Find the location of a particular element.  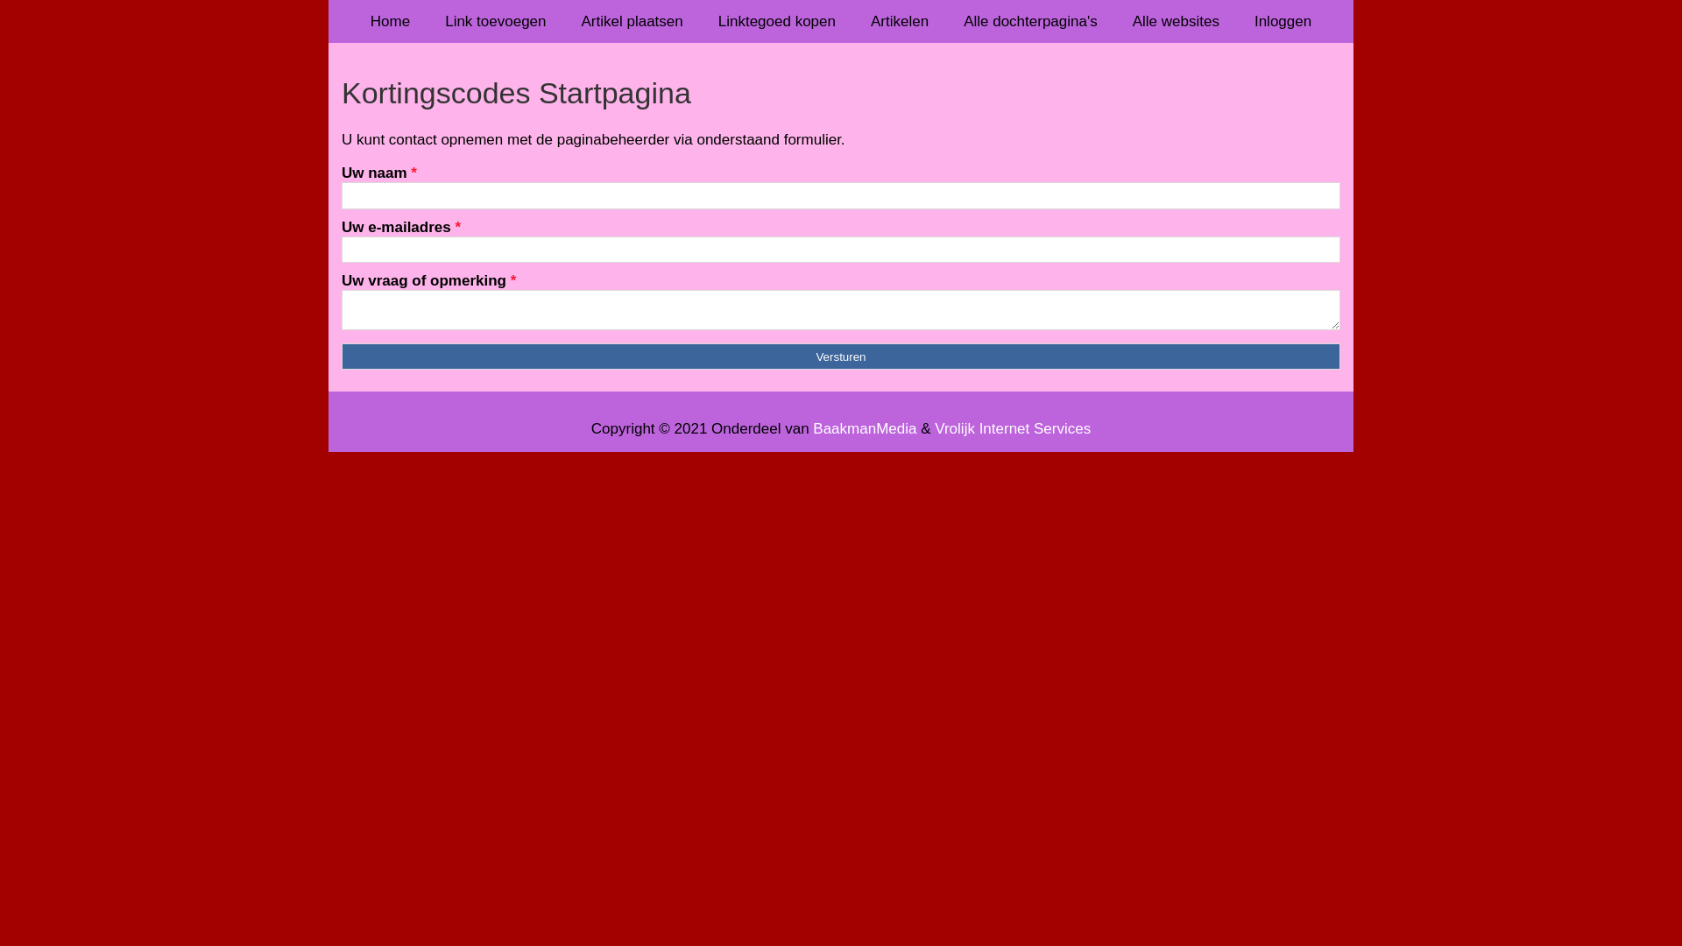

'Artikelen' is located at coordinates (853, 21).